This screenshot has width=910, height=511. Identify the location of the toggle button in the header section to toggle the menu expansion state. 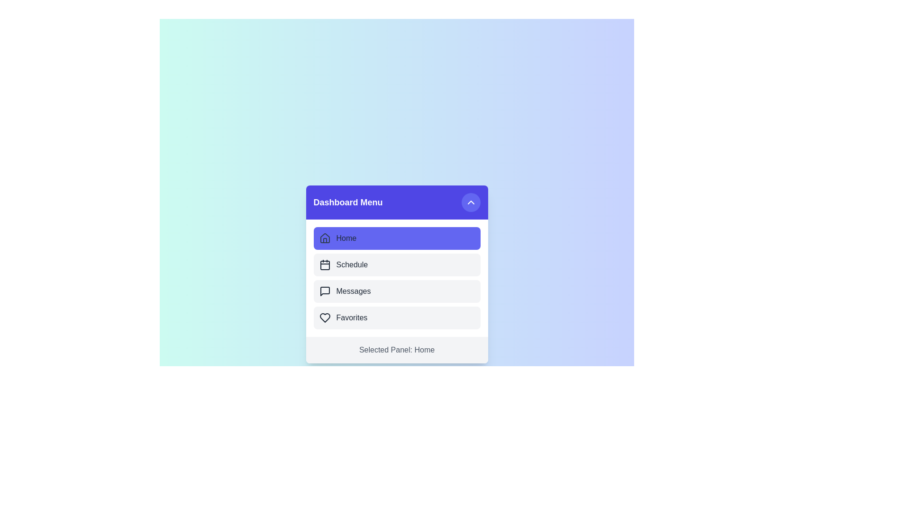
(471, 202).